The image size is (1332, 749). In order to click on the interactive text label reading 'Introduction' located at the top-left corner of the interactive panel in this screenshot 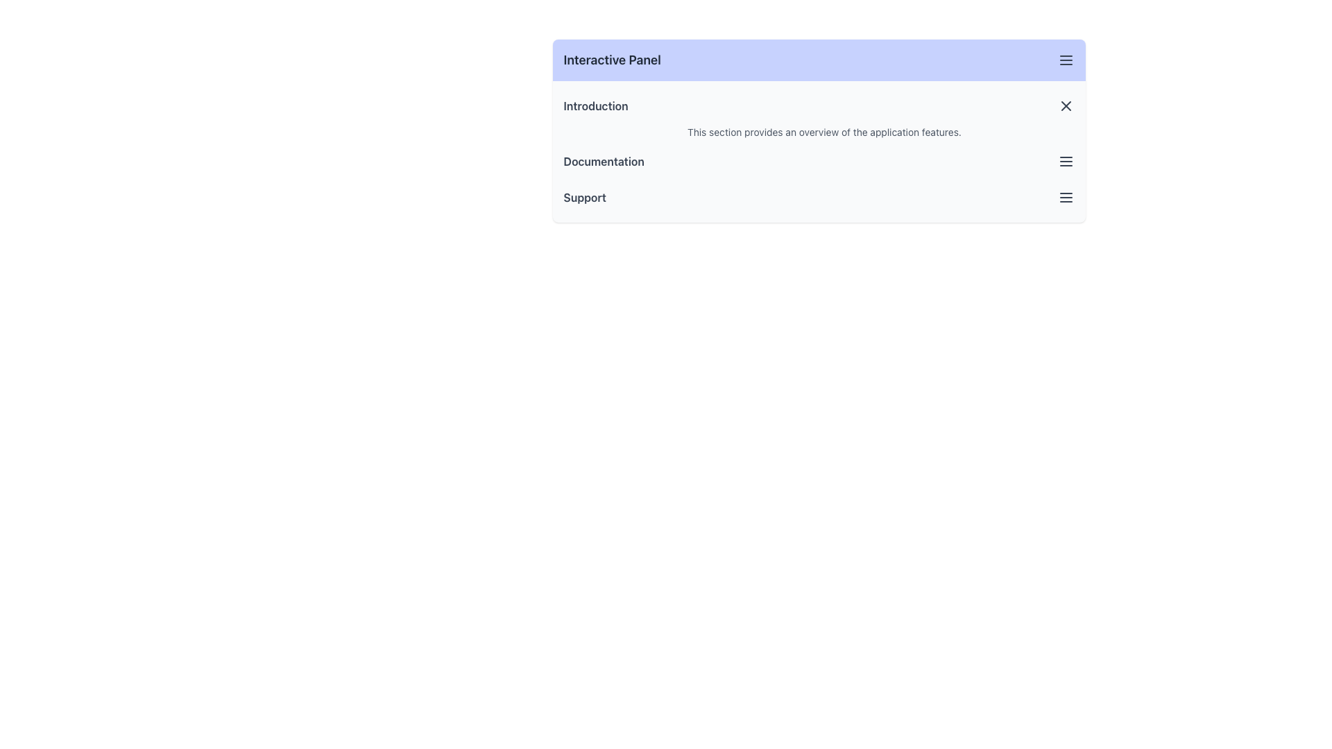, I will do `click(596, 105)`.